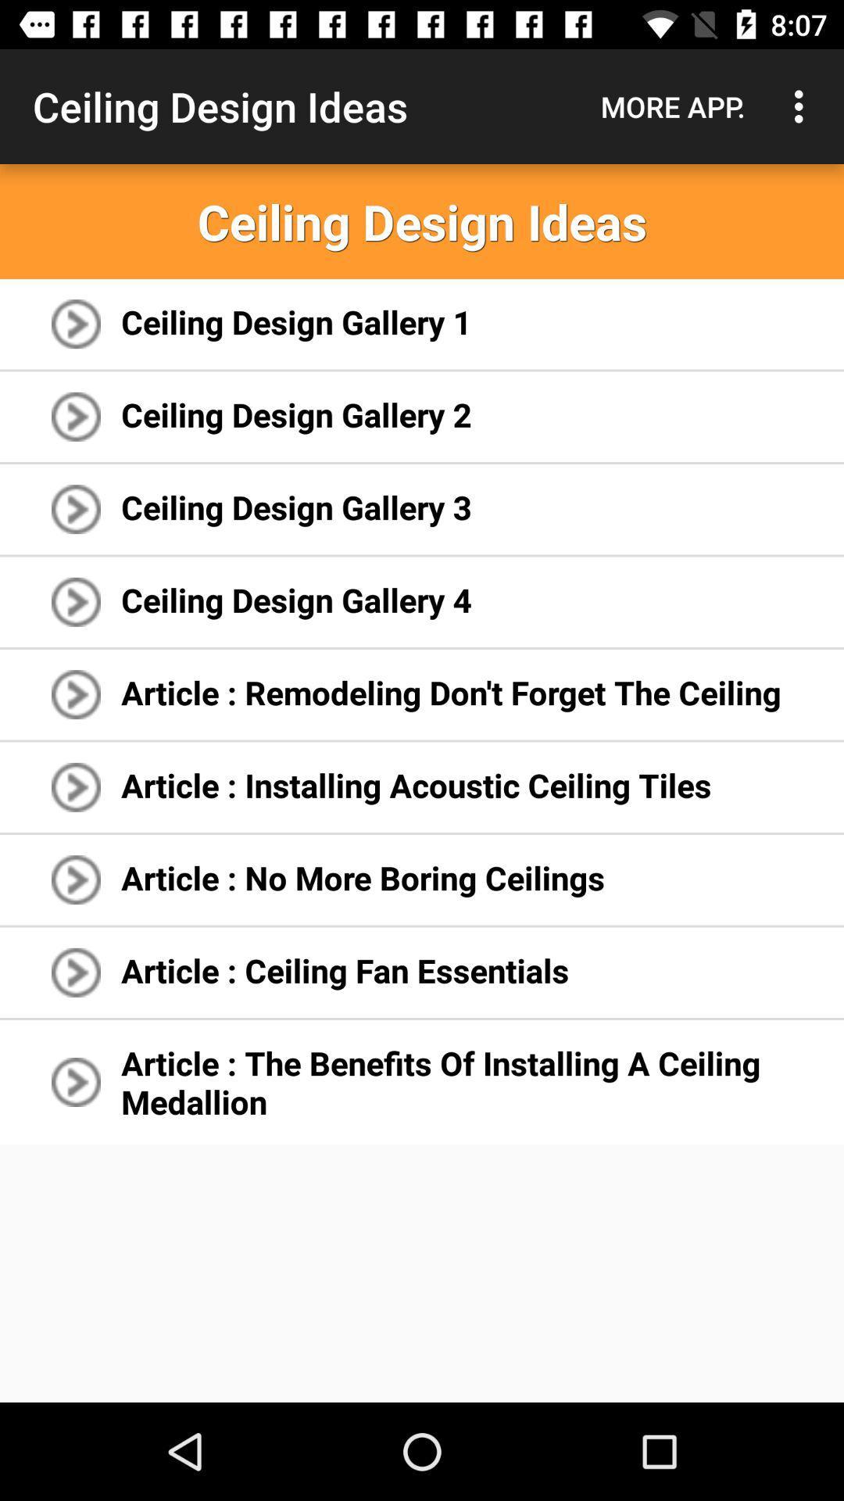 This screenshot has width=844, height=1501. Describe the element at coordinates (672, 106) in the screenshot. I see `the item above the ceiling design ideas item` at that location.